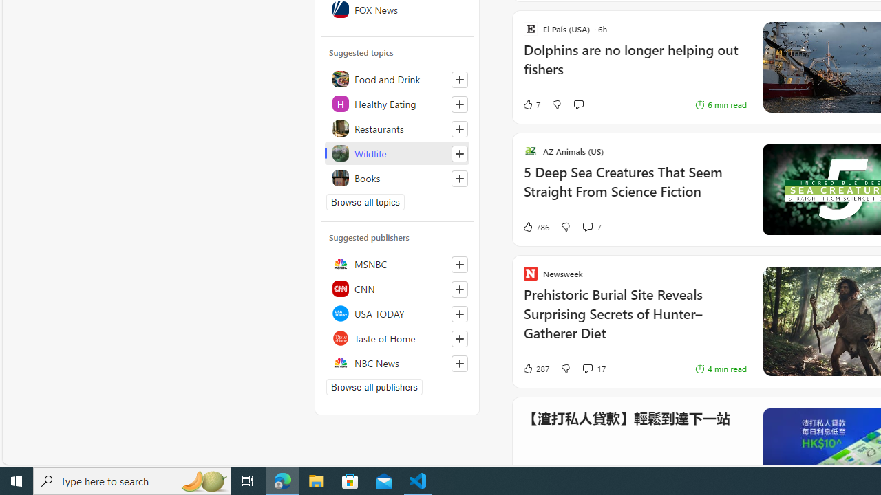 The image size is (881, 495). What do you see at coordinates (591, 226) in the screenshot?
I see `'View comments 7 Comment'` at bounding box center [591, 226].